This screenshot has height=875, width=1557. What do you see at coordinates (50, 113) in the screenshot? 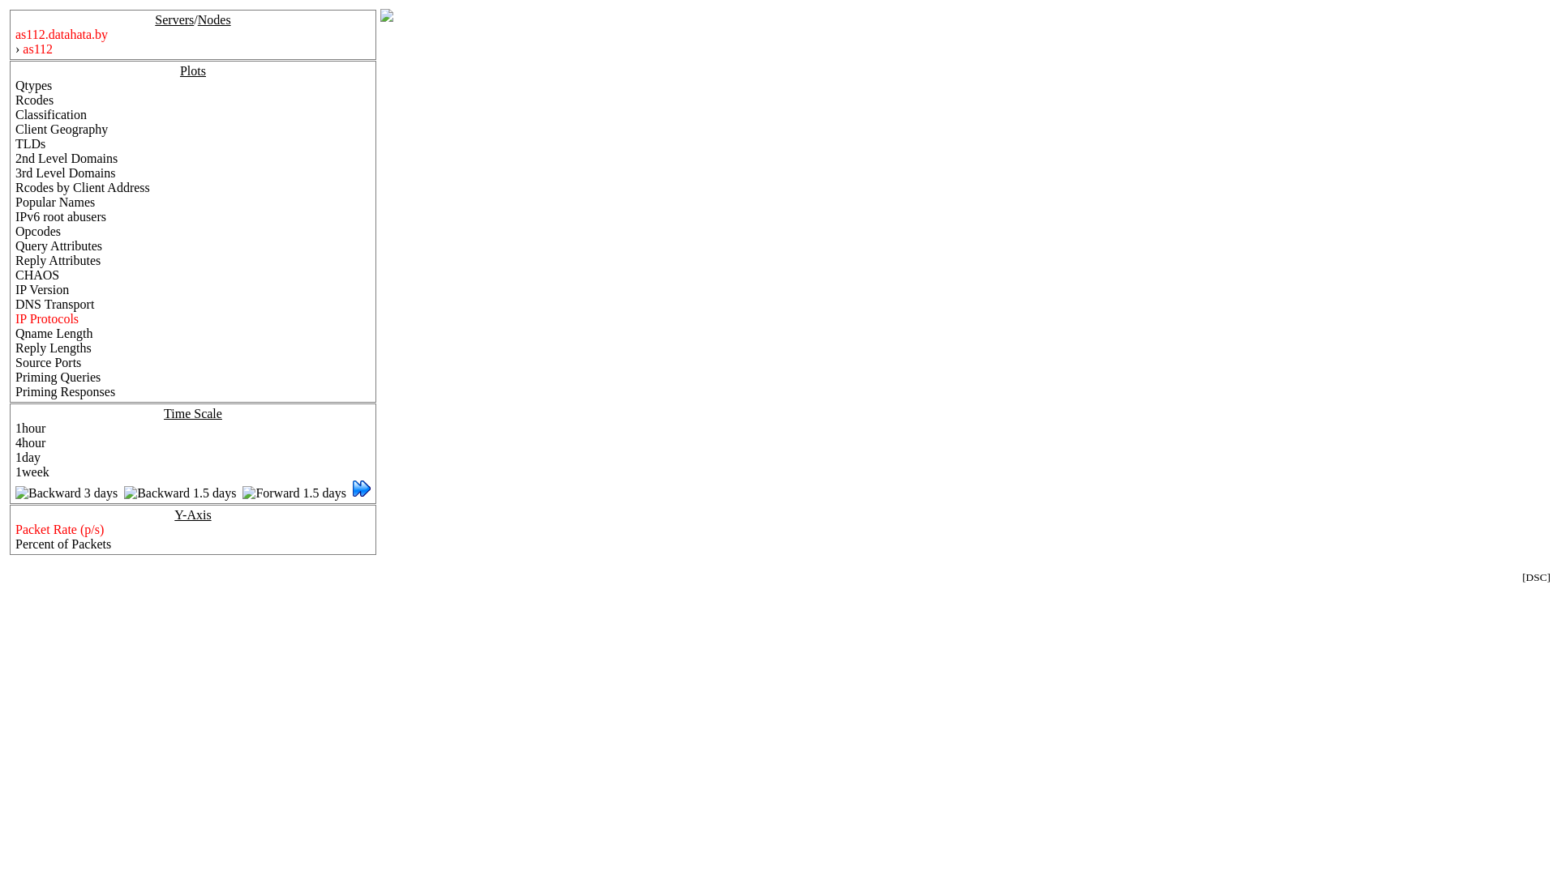
I see `'Classification'` at bounding box center [50, 113].